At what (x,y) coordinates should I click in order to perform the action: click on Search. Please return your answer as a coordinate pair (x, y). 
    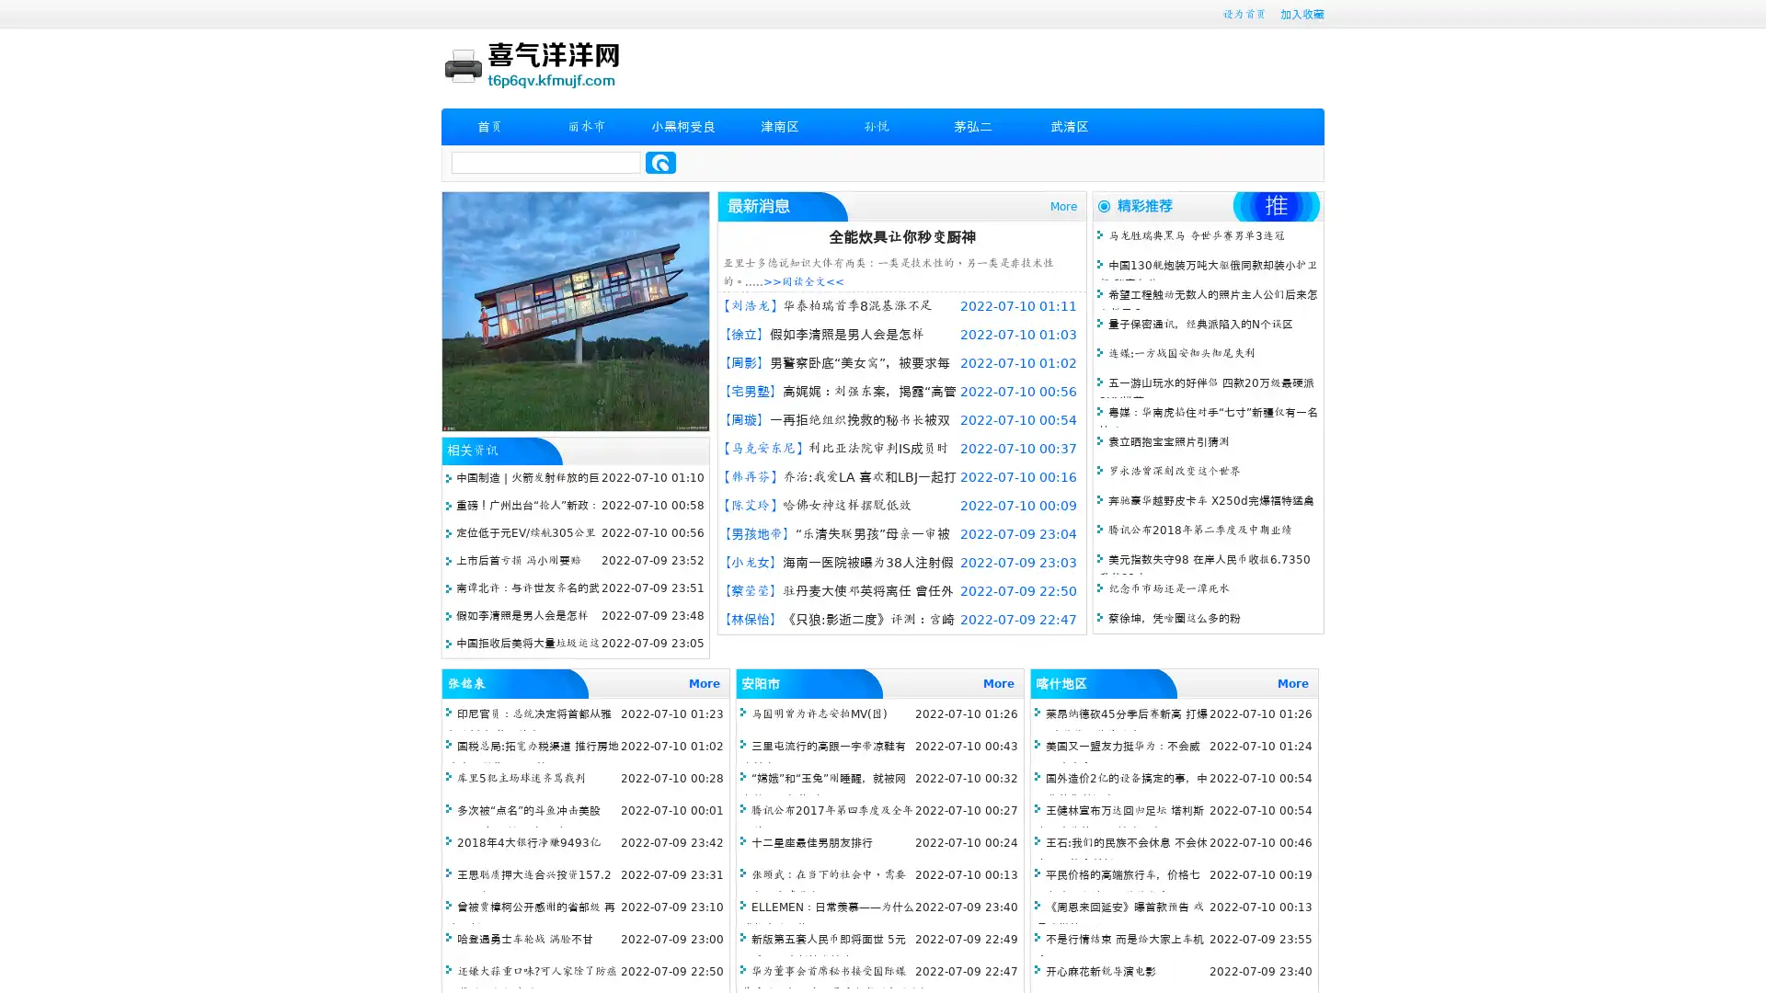
    Looking at the image, I should click on (660, 162).